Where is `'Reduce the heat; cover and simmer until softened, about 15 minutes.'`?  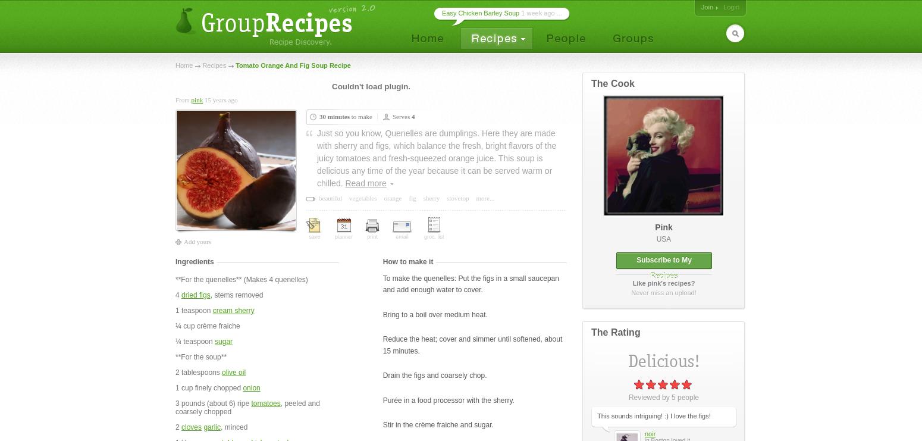 'Reduce the heat; cover and simmer until softened, about 15 minutes.' is located at coordinates (472, 344).